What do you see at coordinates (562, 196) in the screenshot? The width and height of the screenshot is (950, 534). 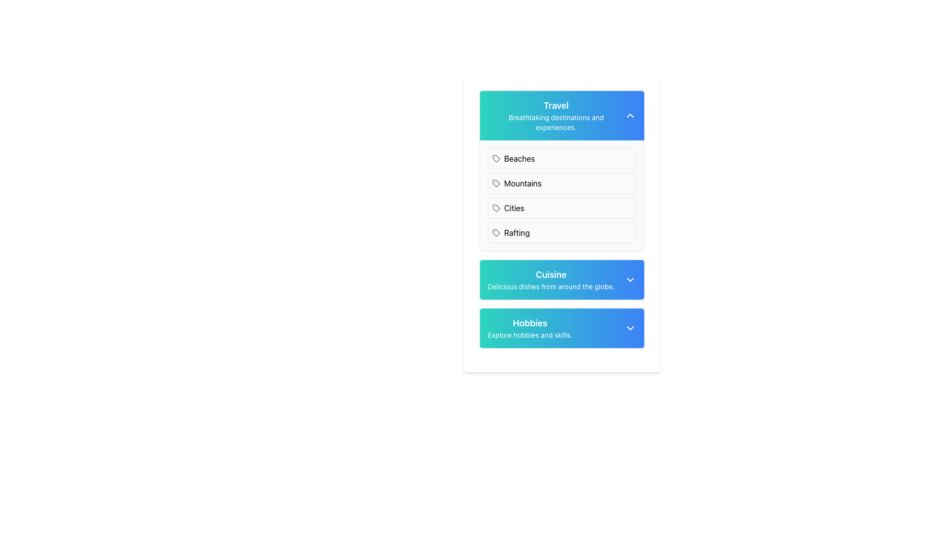 I see `the 'Beaches', 'Mountains', 'Cities', or 'Rafting' button in the Stacked button menu` at bounding box center [562, 196].